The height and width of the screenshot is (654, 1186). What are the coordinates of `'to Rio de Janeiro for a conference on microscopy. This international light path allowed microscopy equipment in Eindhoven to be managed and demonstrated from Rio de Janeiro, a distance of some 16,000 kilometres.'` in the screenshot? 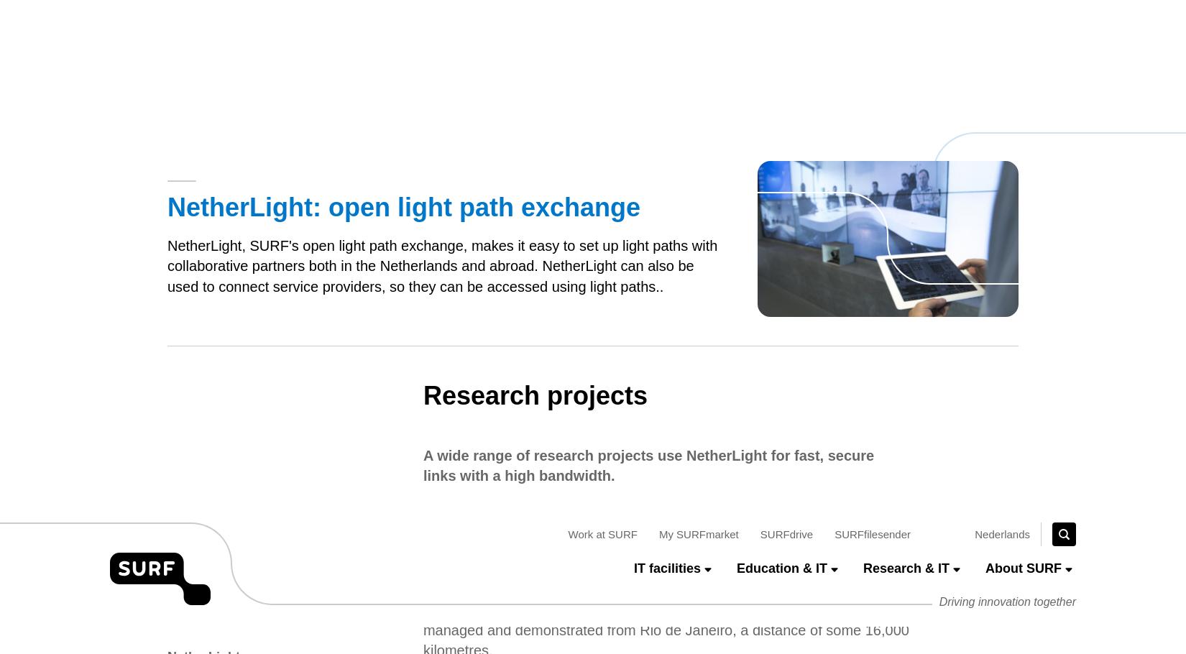 It's located at (665, 106).